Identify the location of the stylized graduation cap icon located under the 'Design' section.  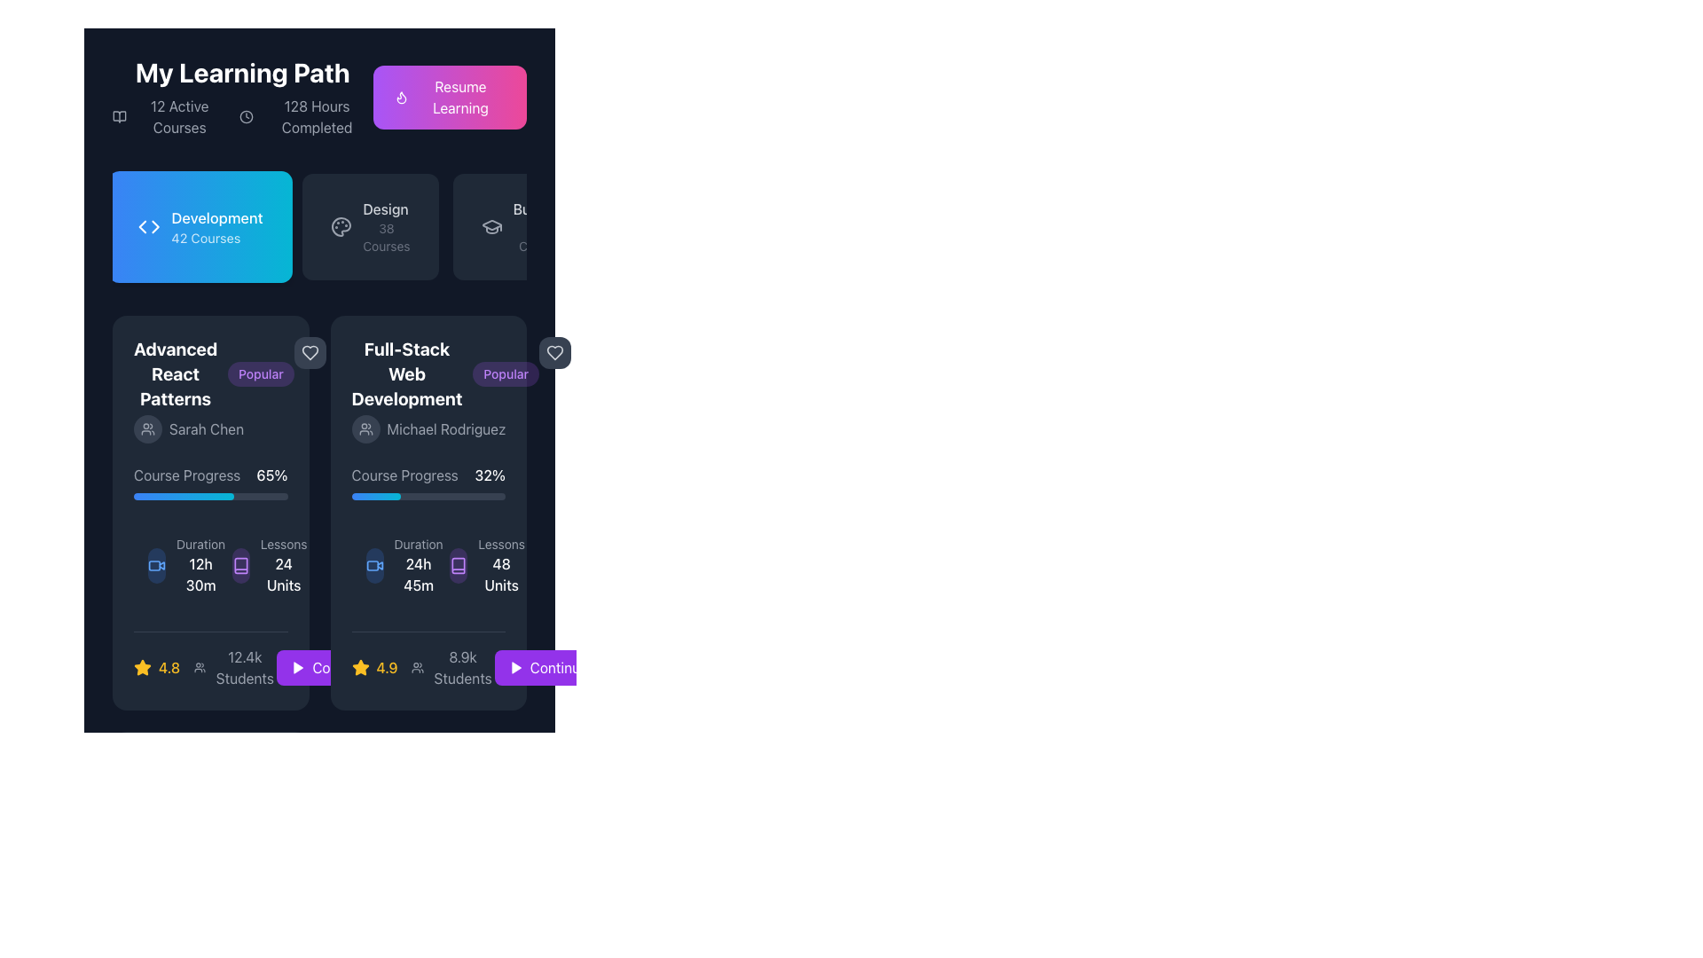
(491, 224).